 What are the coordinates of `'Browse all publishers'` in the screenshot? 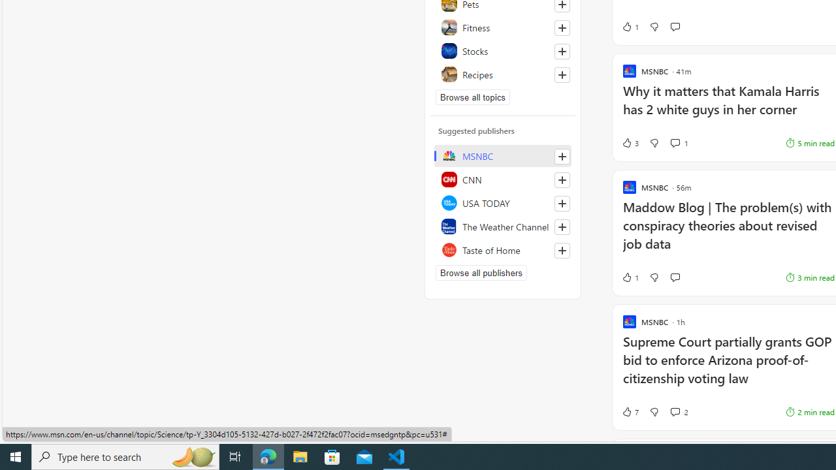 It's located at (480, 272).